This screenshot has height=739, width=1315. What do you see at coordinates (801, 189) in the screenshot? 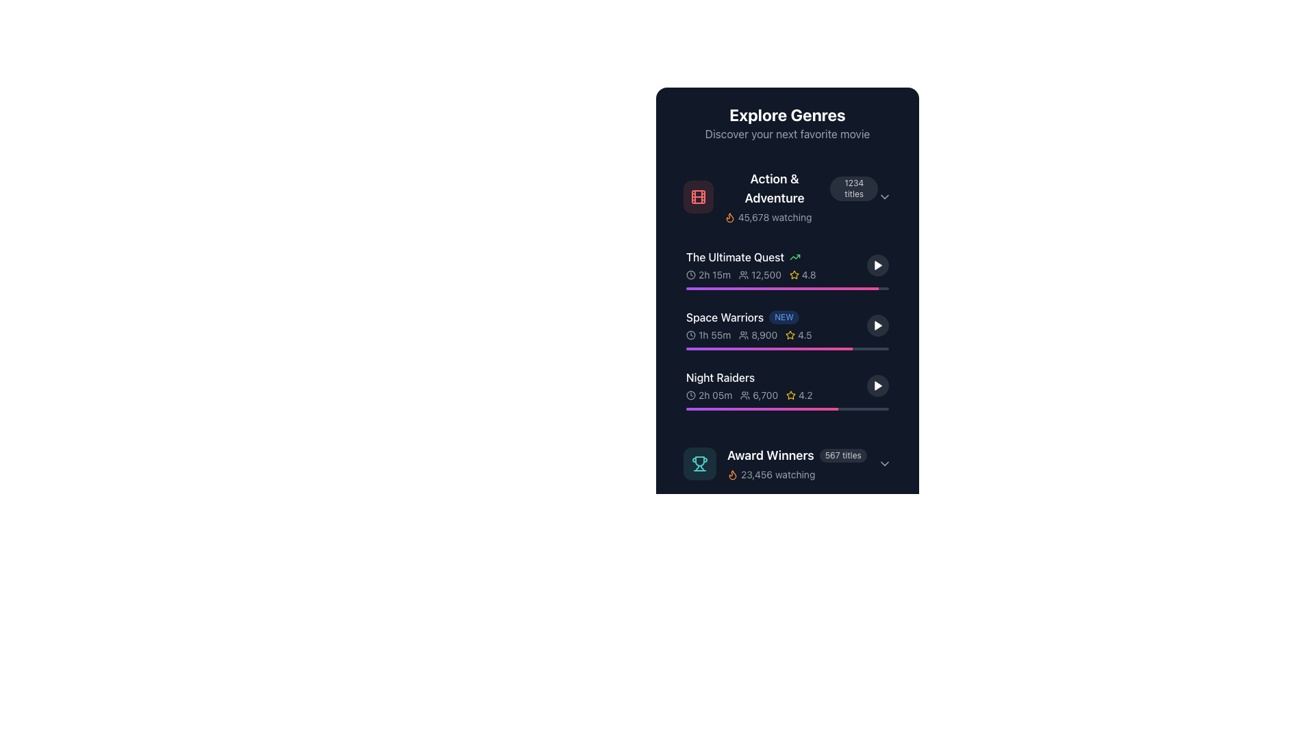
I see `information displayed on the label with badge showing 'Action & Adventure' and '1234 titles' in a dark-themed interface, located just below the 'Explore Genres' heading` at bounding box center [801, 189].